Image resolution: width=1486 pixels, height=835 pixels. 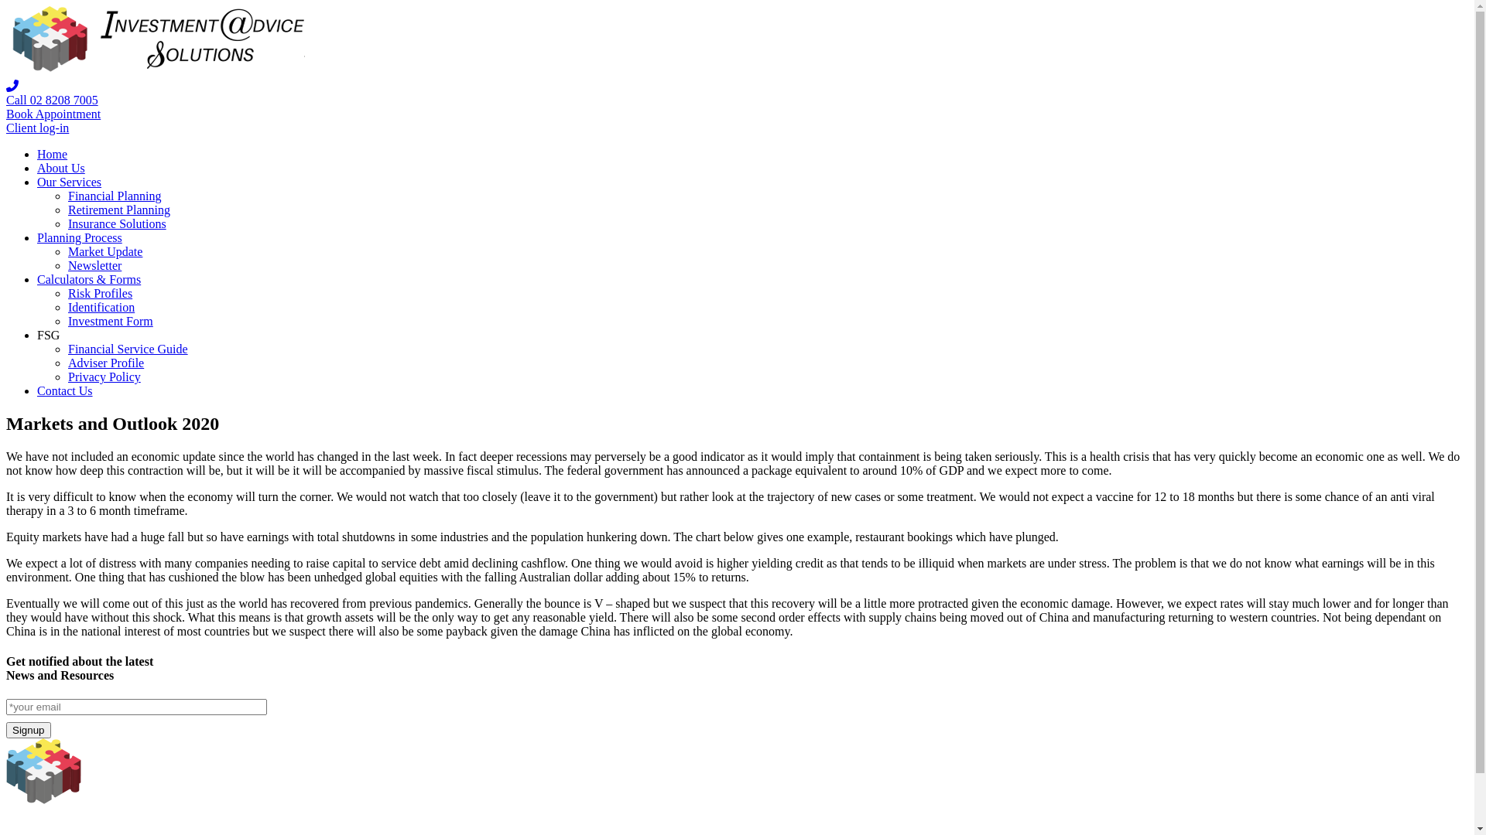 What do you see at coordinates (60, 168) in the screenshot?
I see `'About Us'` at bounding box center [60, 168].